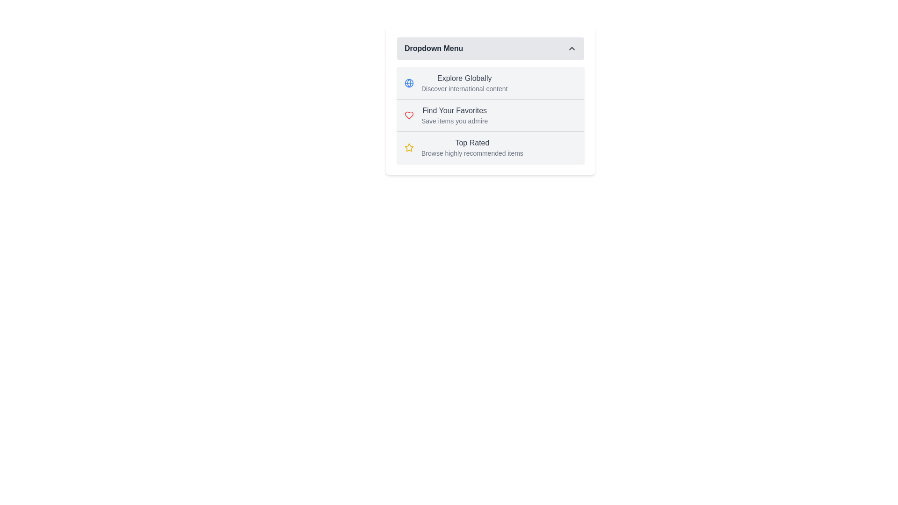 The height and width of the screenshot is (505, 898). What do you see at coordinates (464, 82) in the screenshot?
I see `the 'Explore International Content' text label, which is the topmost entry in the dropdown menu directly beneath the title bar labeled 'Dropdown Menu'` at bounding box center [464, 82].